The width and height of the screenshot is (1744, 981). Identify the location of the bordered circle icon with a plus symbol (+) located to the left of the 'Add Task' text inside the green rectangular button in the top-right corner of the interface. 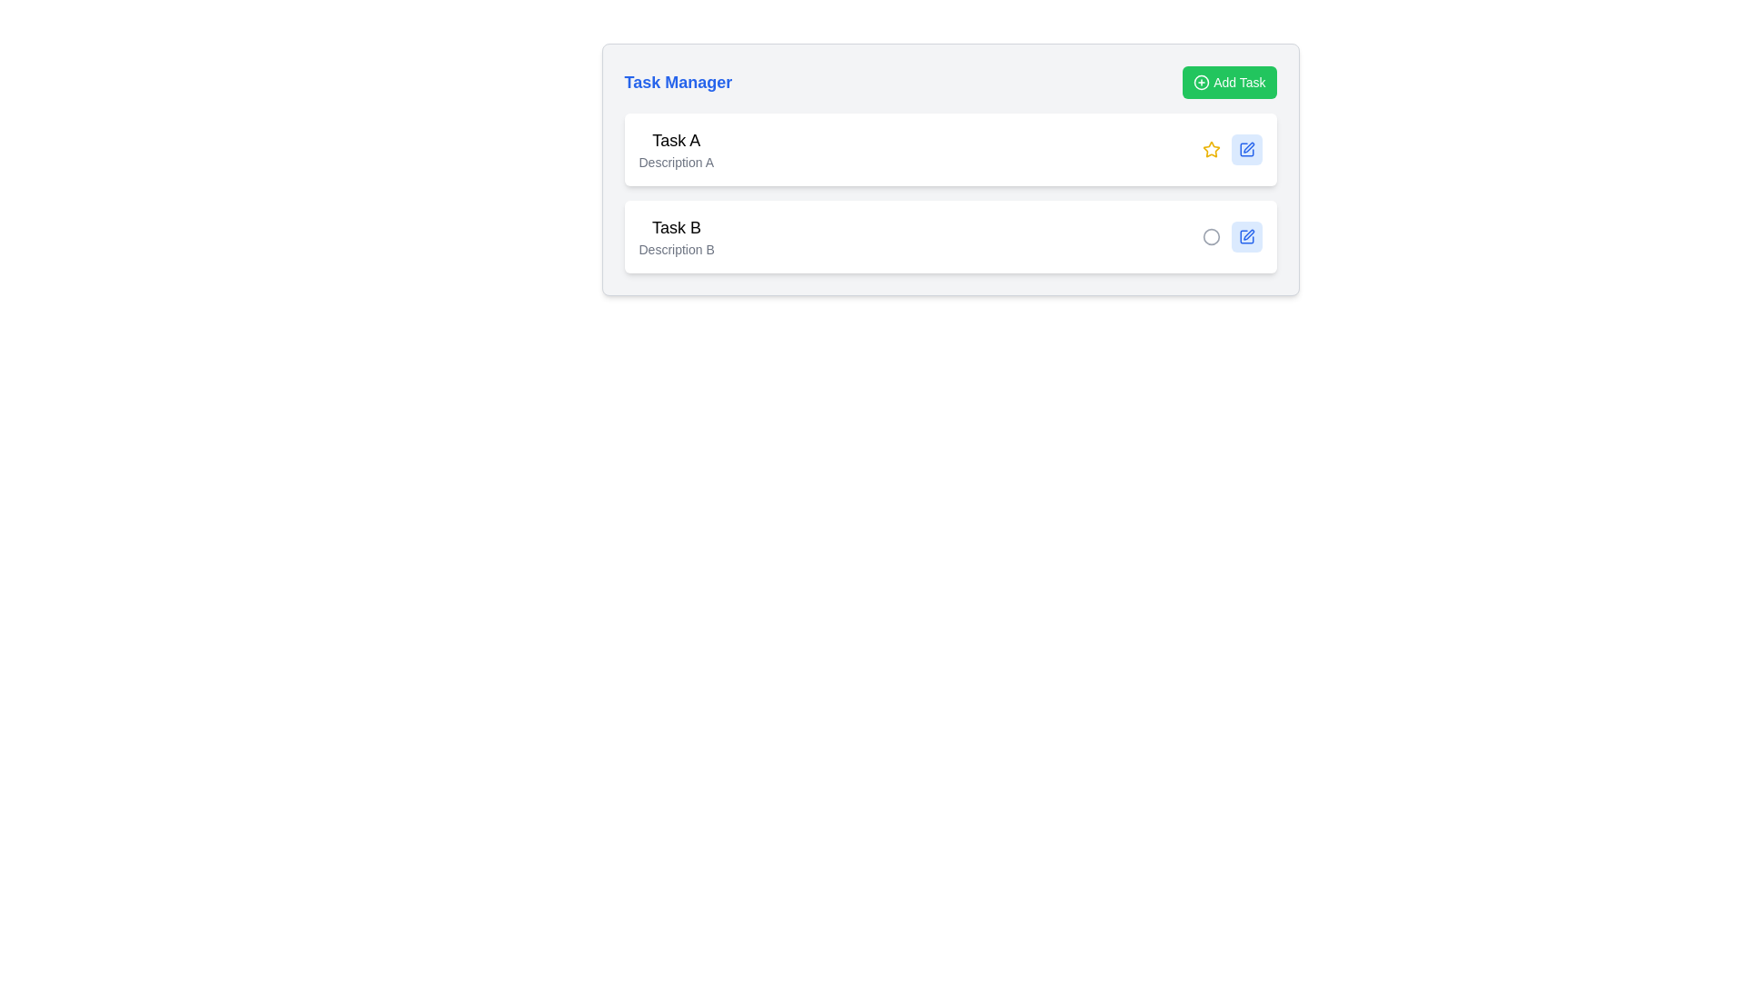
(1202, 83).